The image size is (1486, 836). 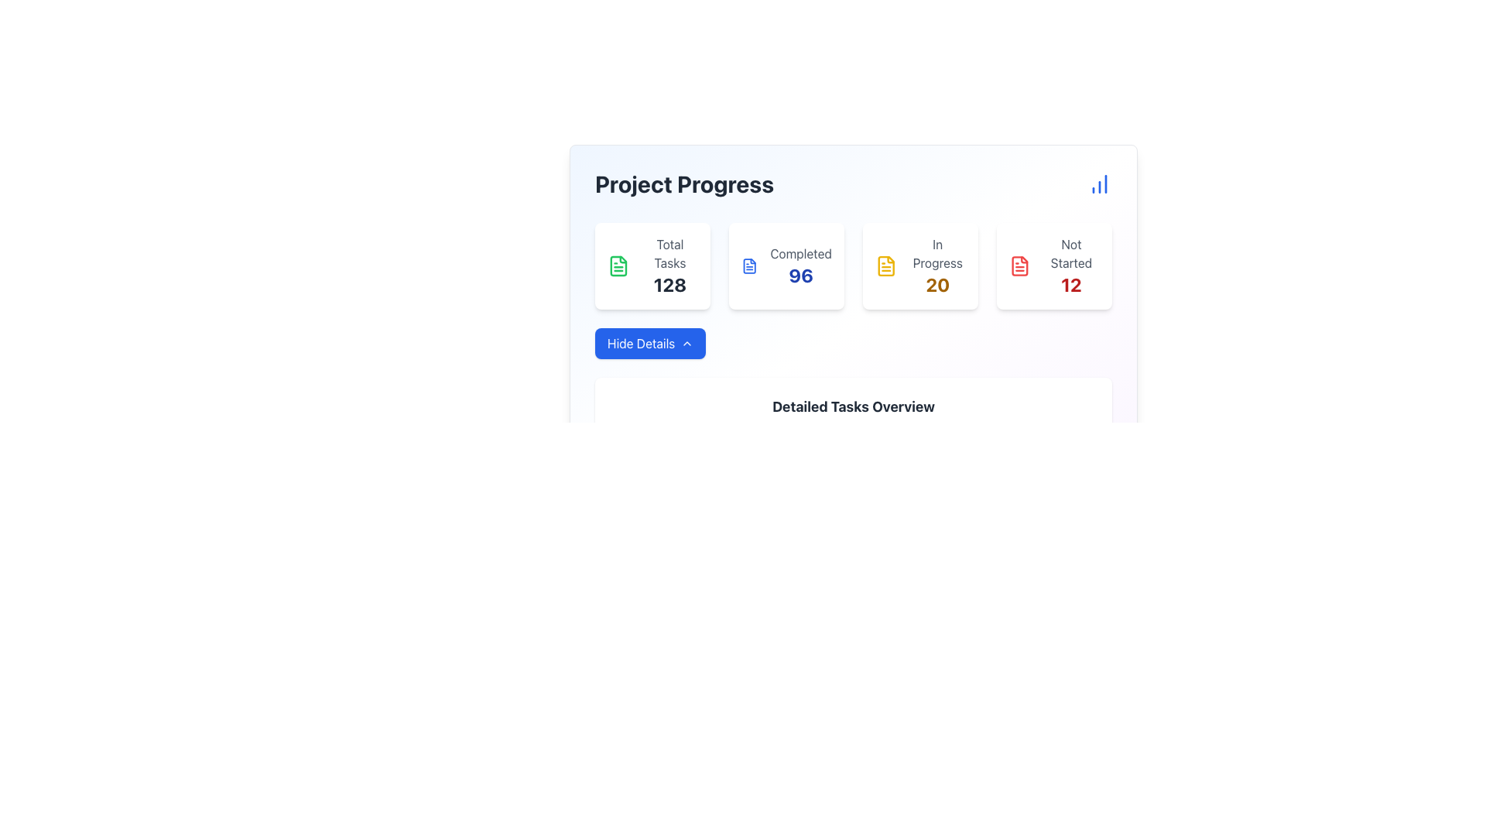 I want to click on the 'Completed' status icon located in the second column of the status cards grid, positioned between 'Total Tasks' and 'In Progress', so click(x=749, y=265).